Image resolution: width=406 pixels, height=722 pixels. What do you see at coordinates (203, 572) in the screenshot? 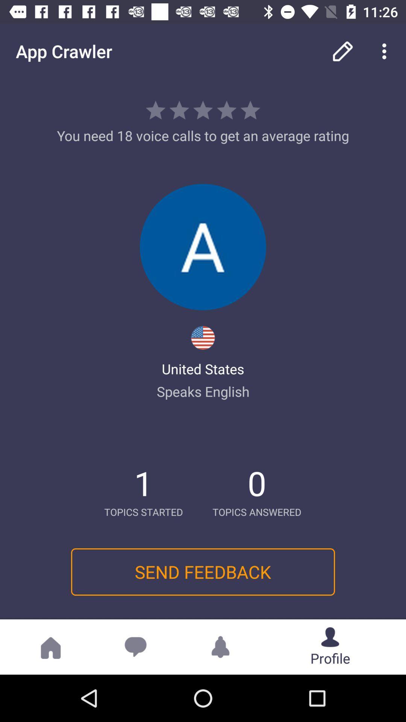
I see `icon below topics started icon` at bounding box center [203, 572].